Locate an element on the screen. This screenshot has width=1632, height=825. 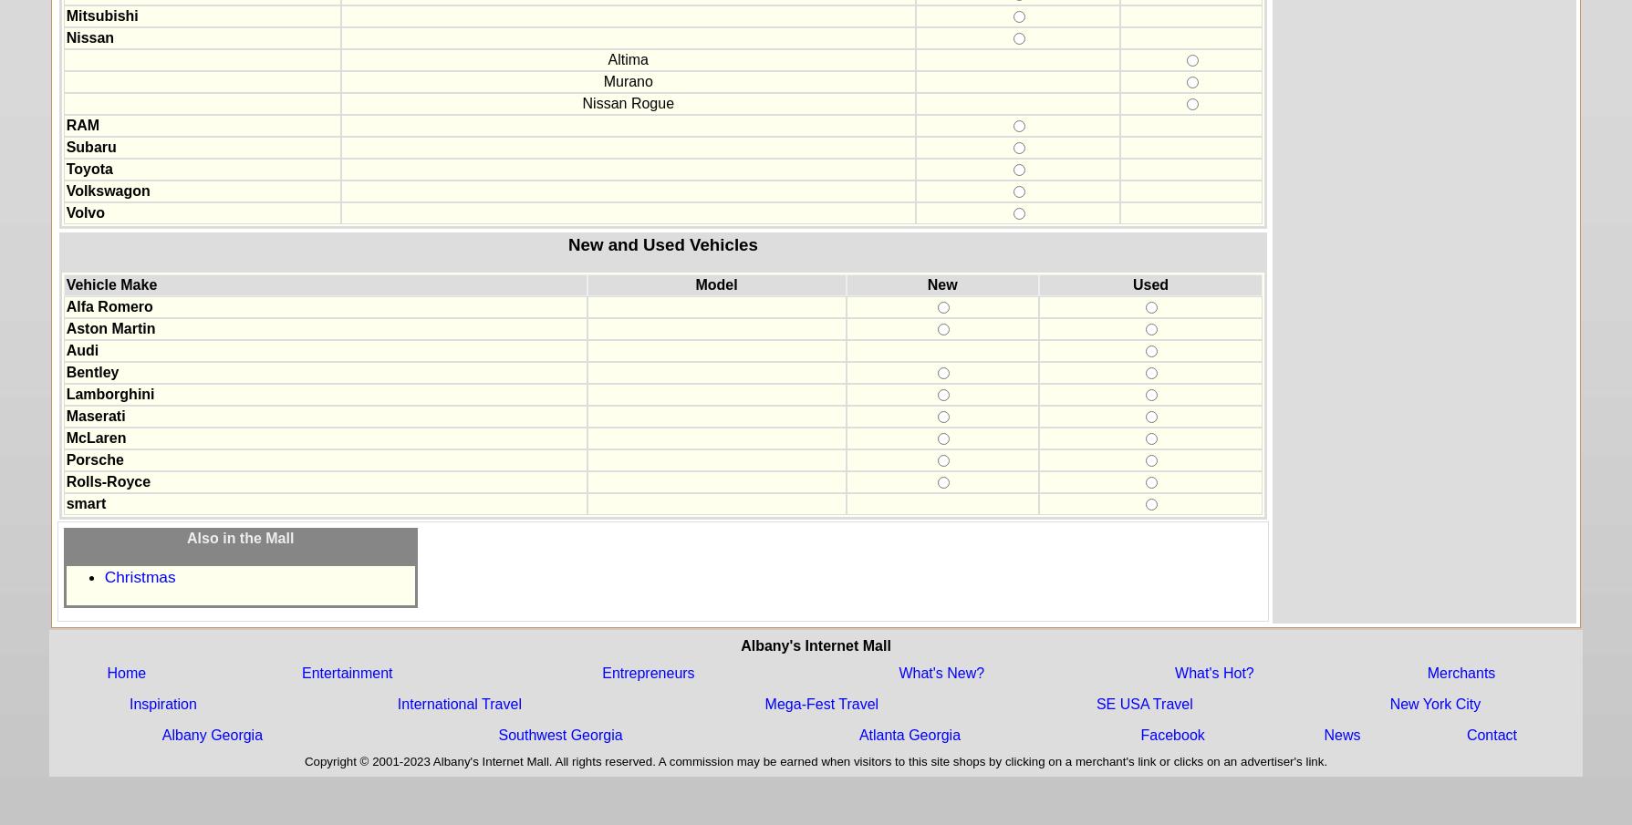
'Porsche' is located at coordinates (94, 459).